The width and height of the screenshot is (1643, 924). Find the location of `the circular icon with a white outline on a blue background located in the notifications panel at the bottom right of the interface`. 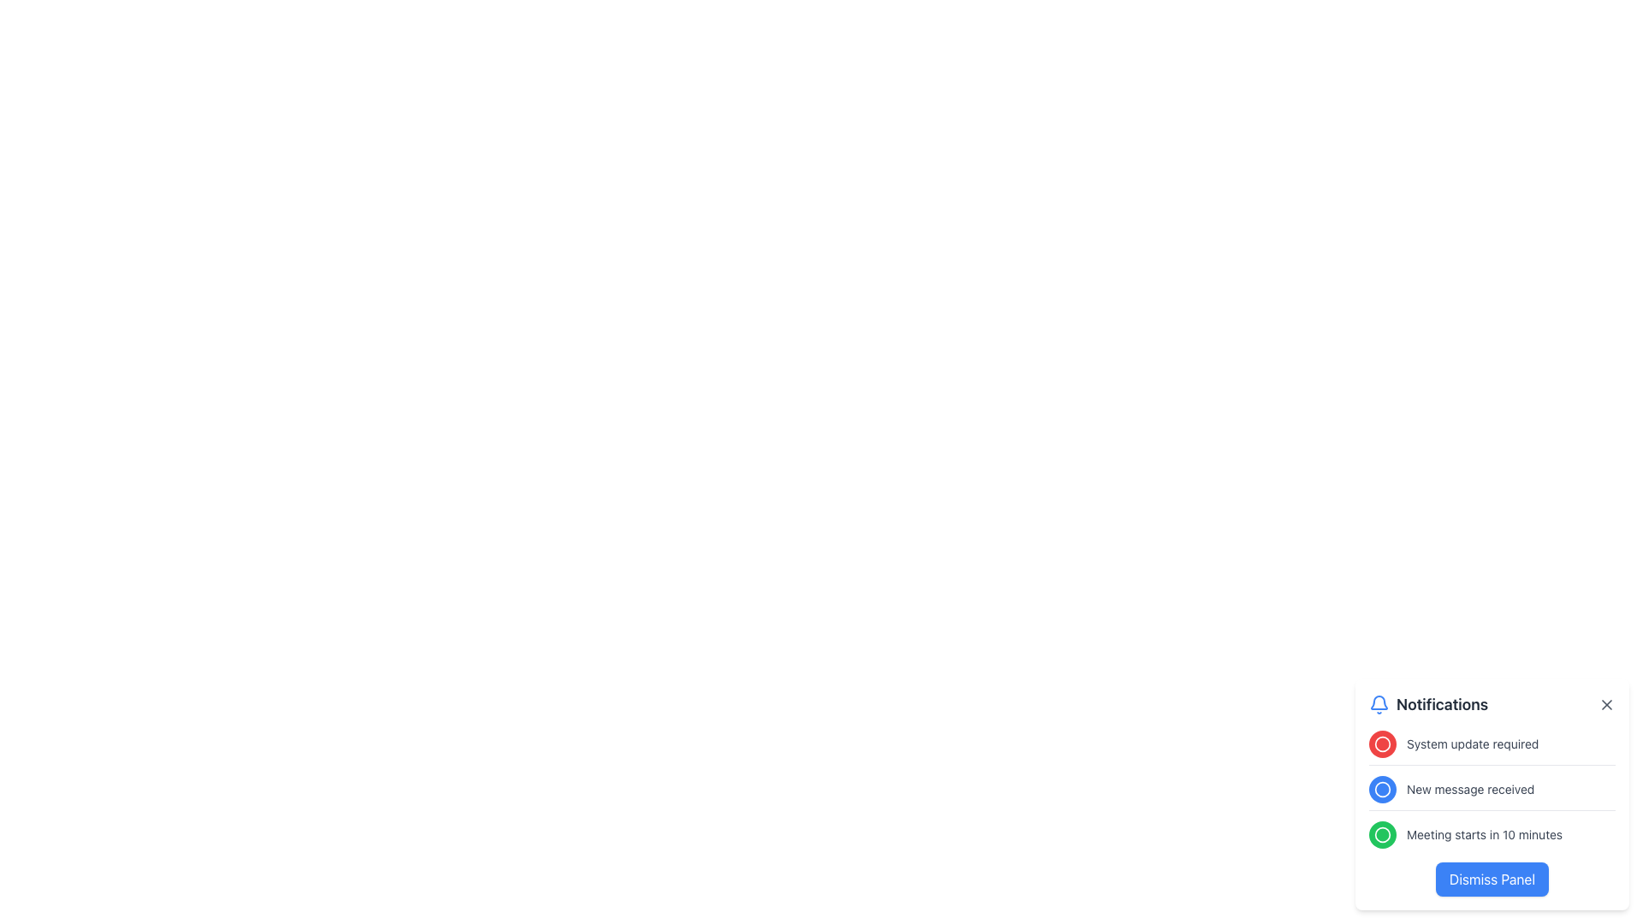

the circular icon with a white outline on a blue background located in the notifications panel at the bottom right of the interface is located at coordinates (1383, 789).